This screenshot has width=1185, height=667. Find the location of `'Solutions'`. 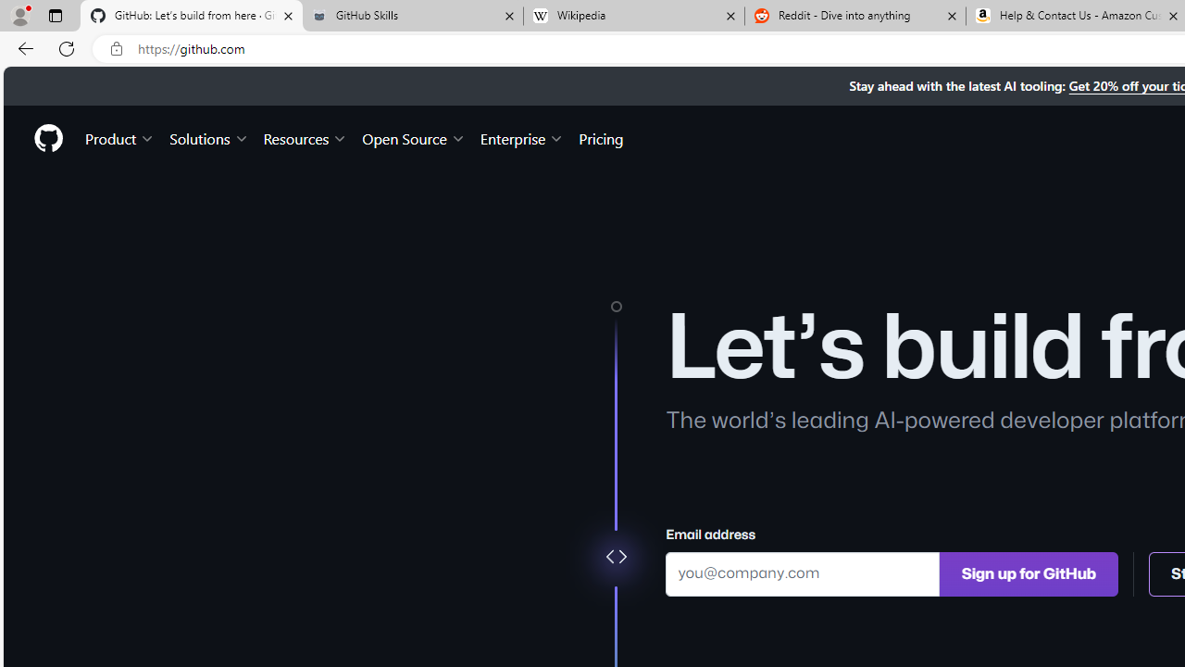

'Solutions' is located at coordinates (208, 137).